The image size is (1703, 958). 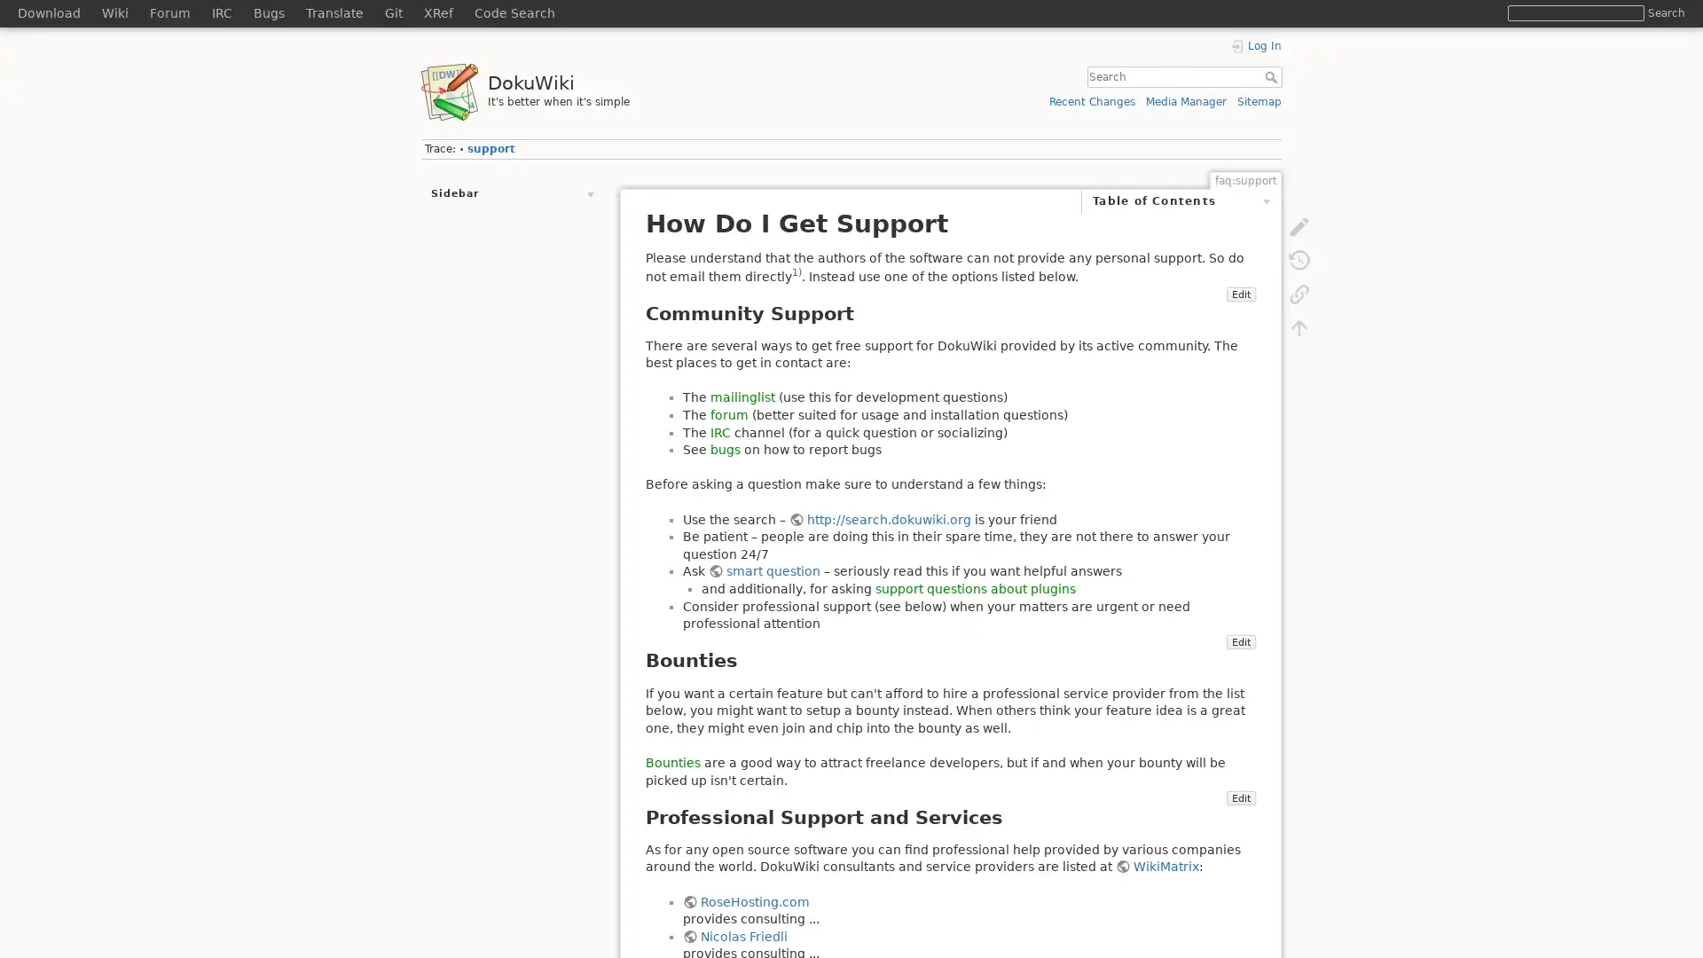 What do you see at coordinates (1239, 310) in the screenshot?
I see `Edit` at bounding box center [1239, 310].